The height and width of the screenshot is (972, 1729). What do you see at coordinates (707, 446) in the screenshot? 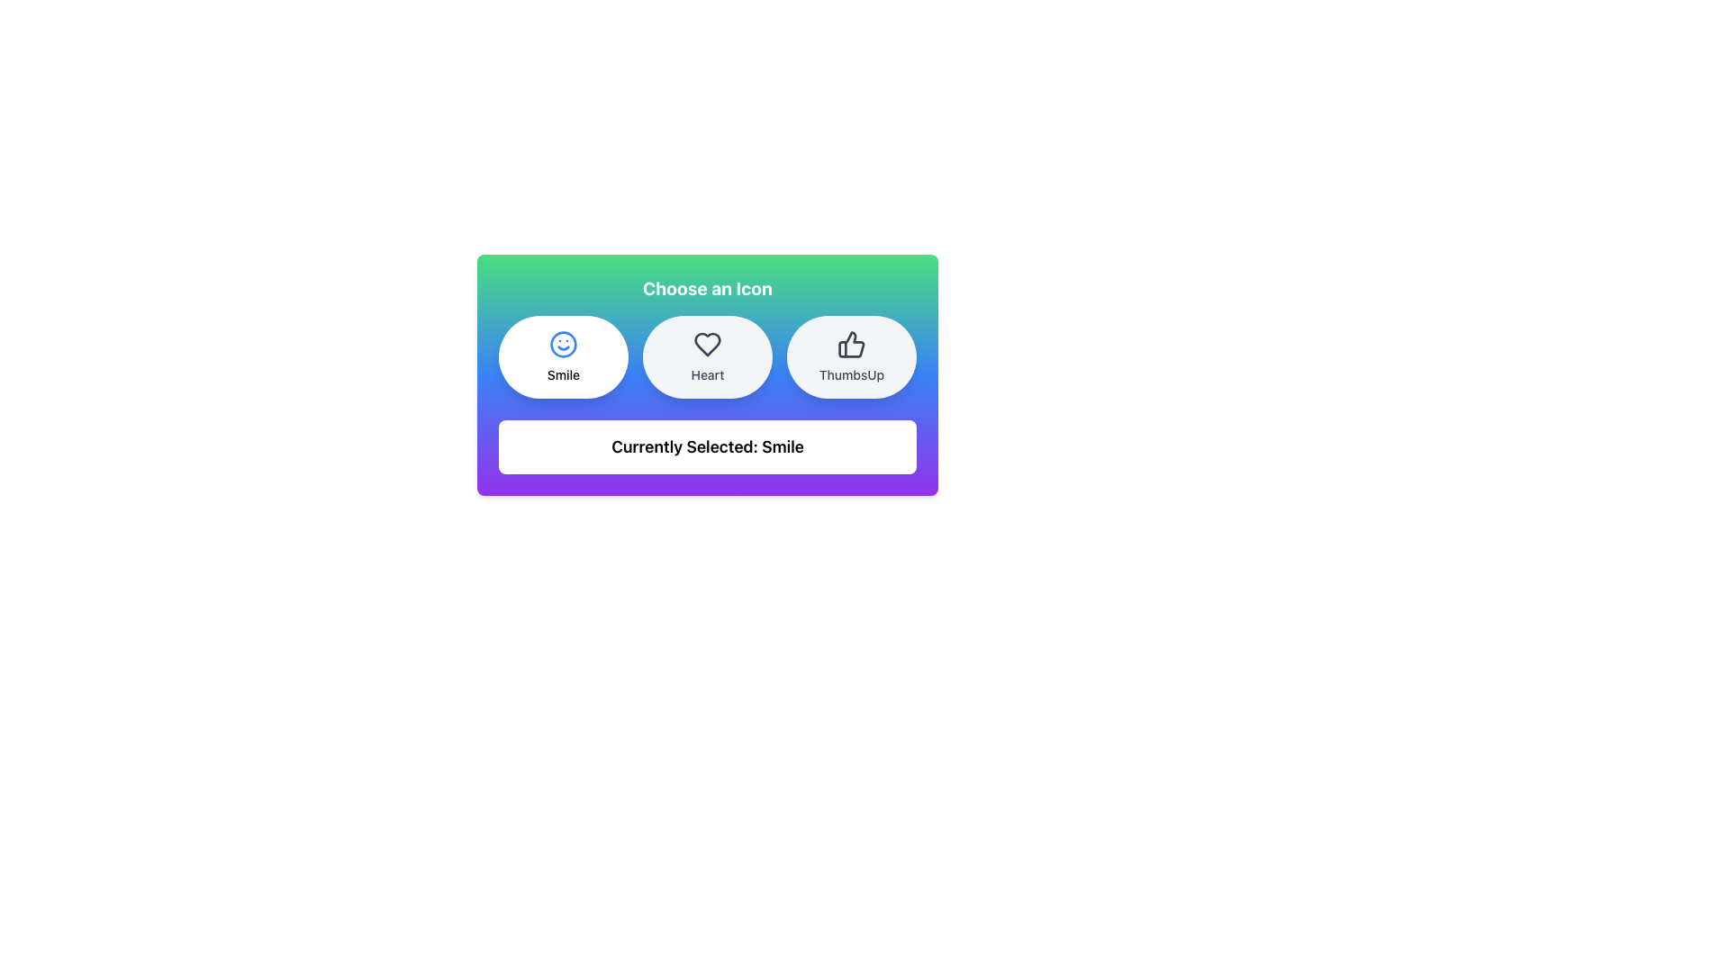
I see `the Status Indicator, which is a rectangular section at the bottom of the main interface with a white background and bold black text reading 'Currently Selected: Smile'` at bounding box center [707, 446].